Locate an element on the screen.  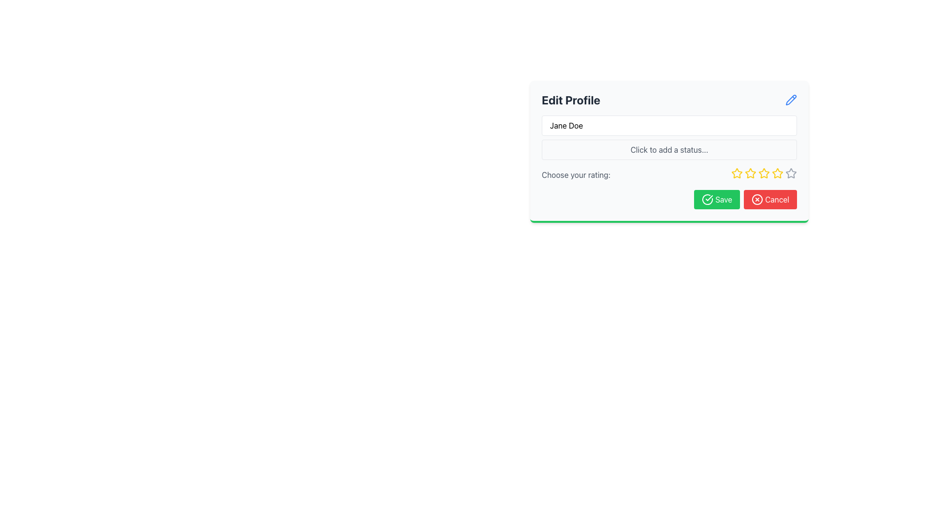
the green 'Save' button with rounded corners and a check-circle icon, located below the rating stars is located at coordinates (717, 199).